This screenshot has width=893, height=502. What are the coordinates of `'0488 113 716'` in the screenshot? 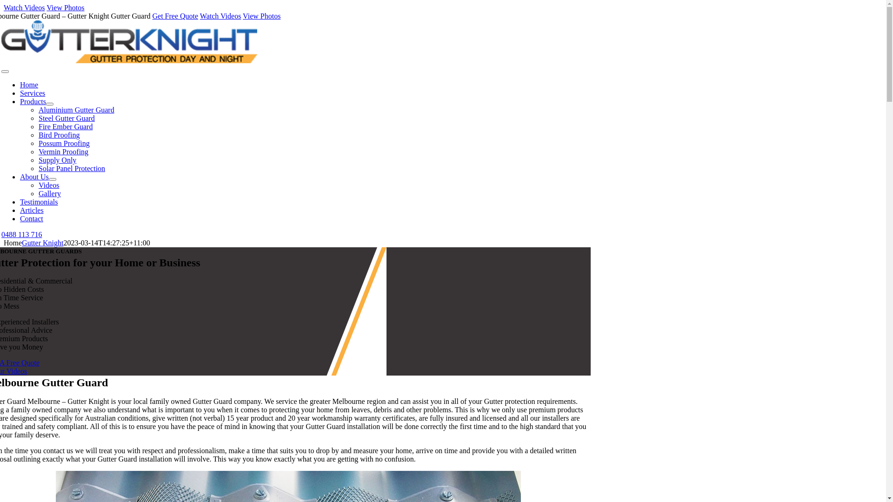 It's located at (21, 234).